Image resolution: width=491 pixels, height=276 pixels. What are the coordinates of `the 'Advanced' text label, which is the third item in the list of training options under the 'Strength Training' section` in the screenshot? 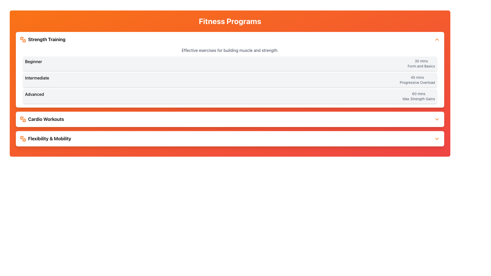 It's located at (34, 96).